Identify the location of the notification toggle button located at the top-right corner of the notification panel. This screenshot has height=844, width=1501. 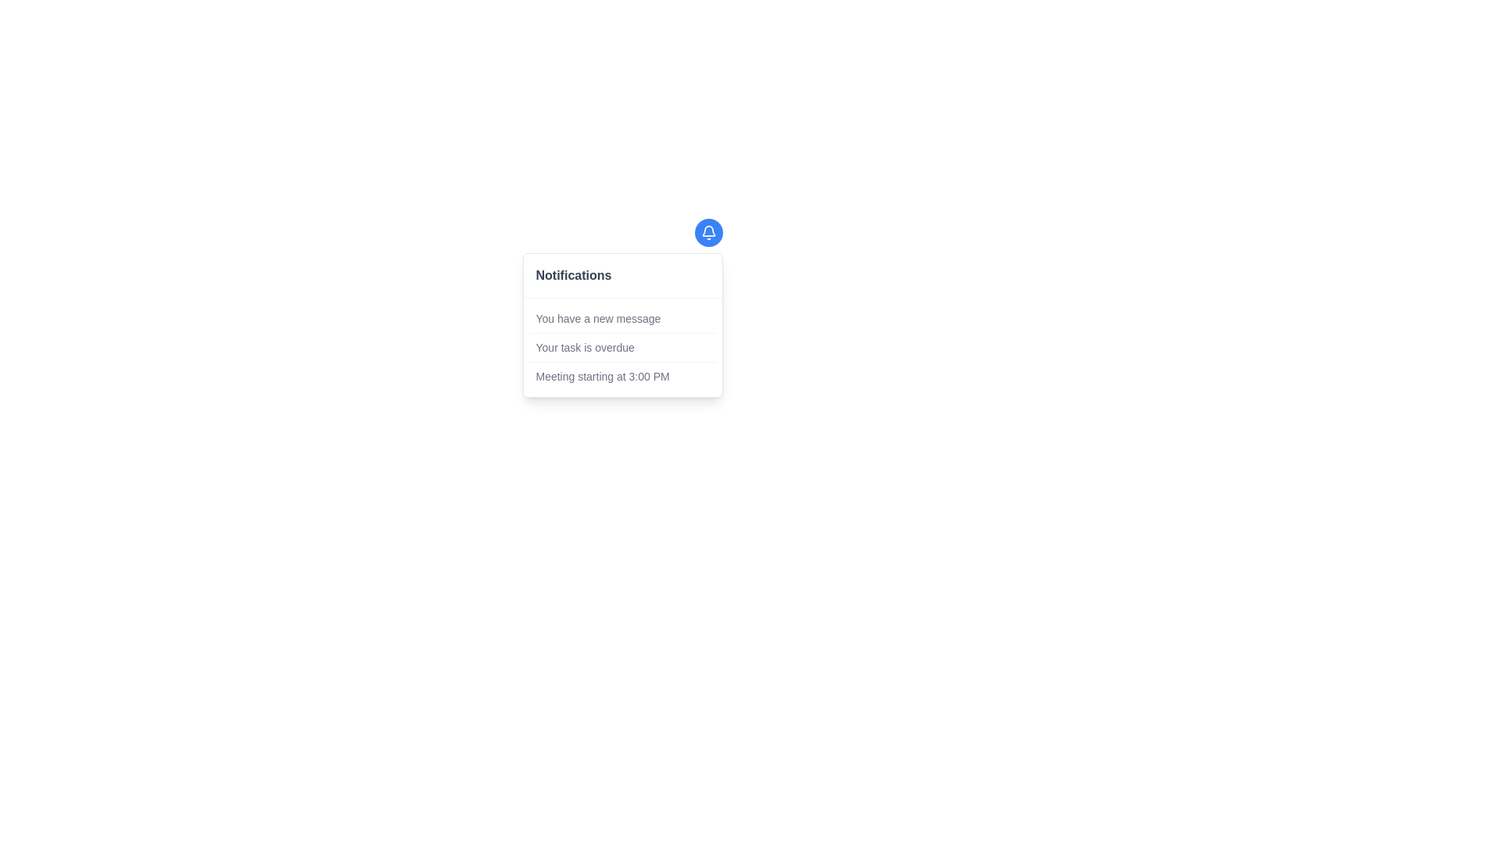
(708, 232).